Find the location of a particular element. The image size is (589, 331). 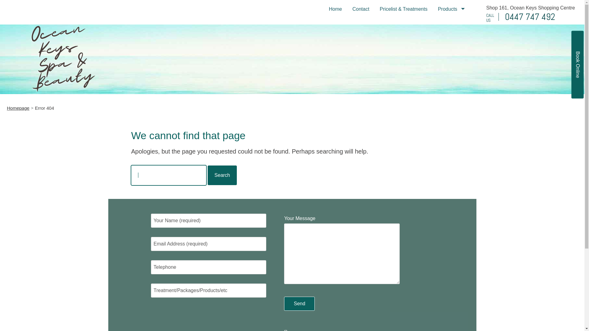

'Search' is located at coordinates (222, 175).